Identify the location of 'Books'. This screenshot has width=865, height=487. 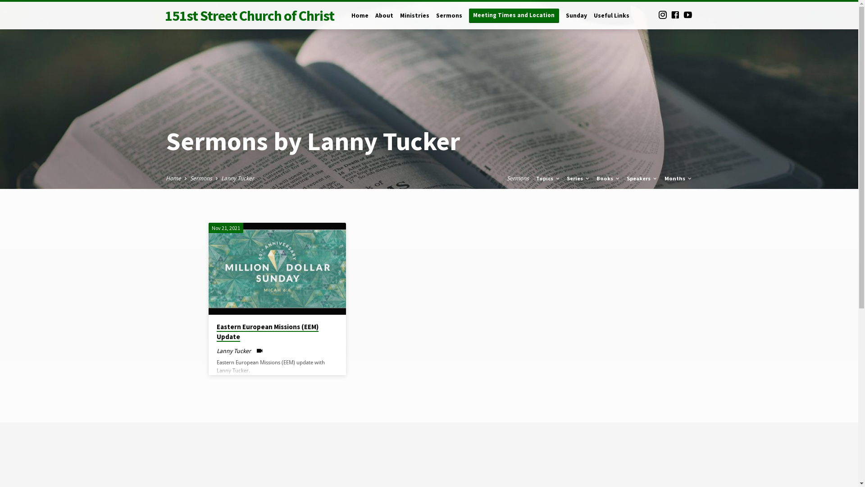
(608, 178).